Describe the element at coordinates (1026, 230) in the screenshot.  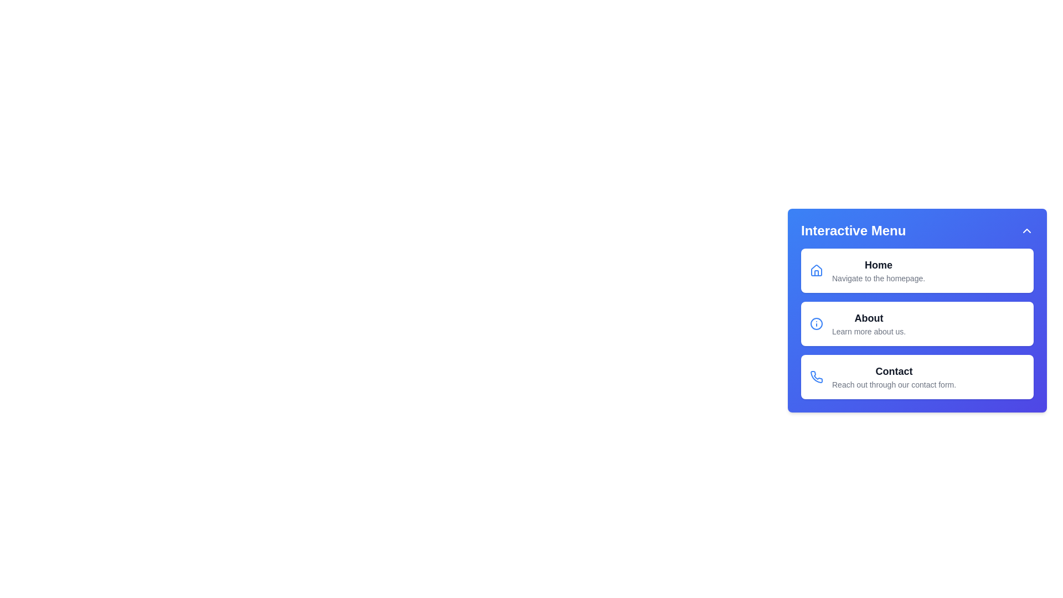
I see `the expand/collapse button to toggle the menu visibility` at that location.